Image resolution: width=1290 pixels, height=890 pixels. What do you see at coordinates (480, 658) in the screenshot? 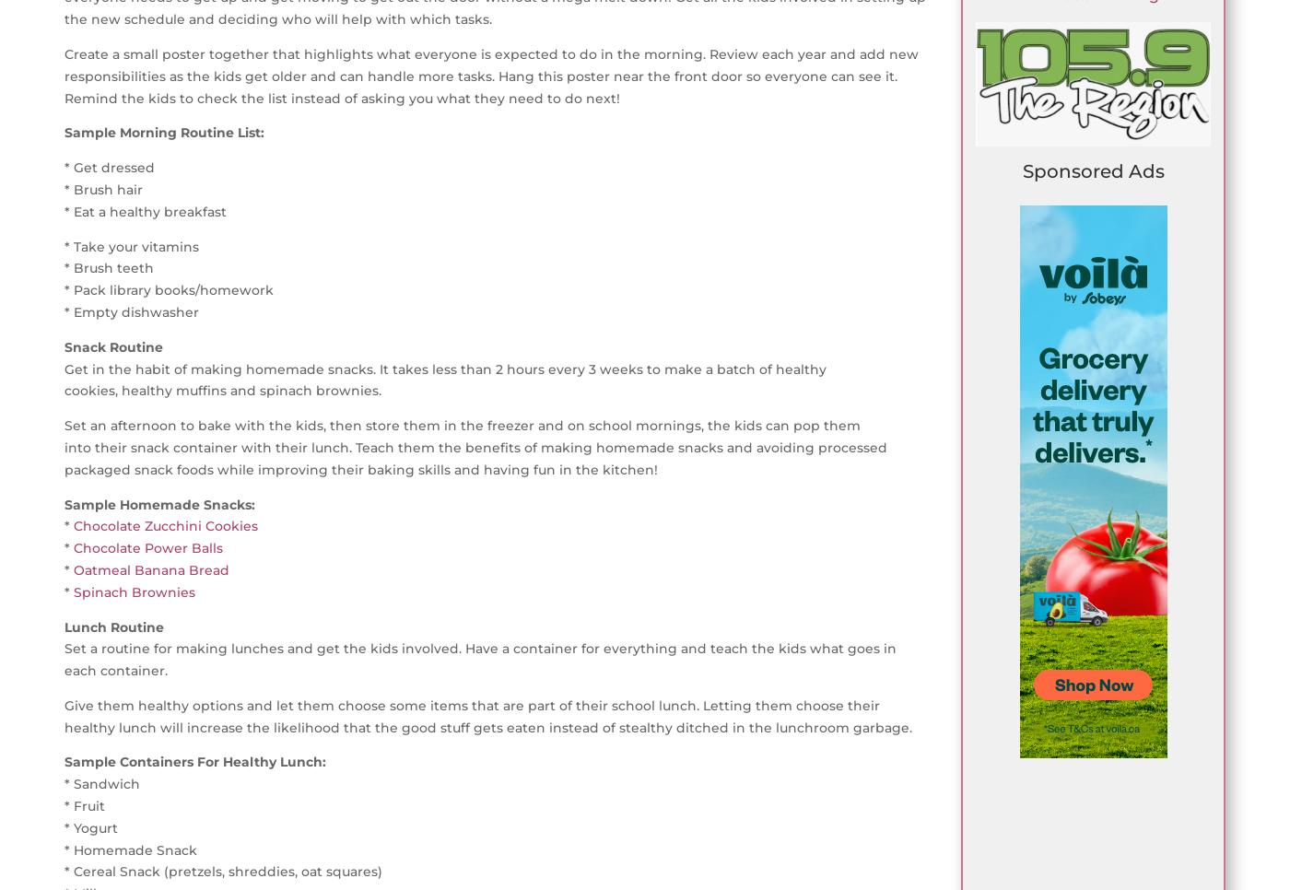
I see `'Set a routine for making lunches and get the kids involved. Have a container for everything and teach the kids what goes in each container.'` at bounding box center [480, 658].